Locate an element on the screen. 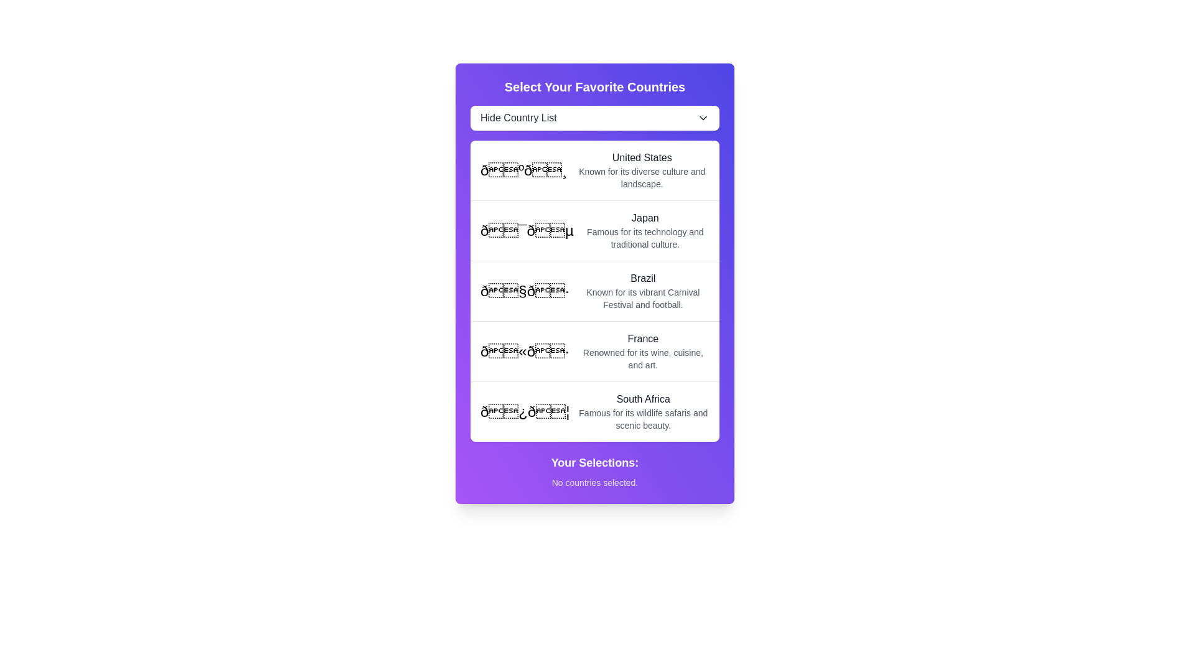  the Brazil flag icon located directly to the left of the text 'Brazil Known for its vibrant Carnival Festival and football.' is located at coordinates (525, 291).